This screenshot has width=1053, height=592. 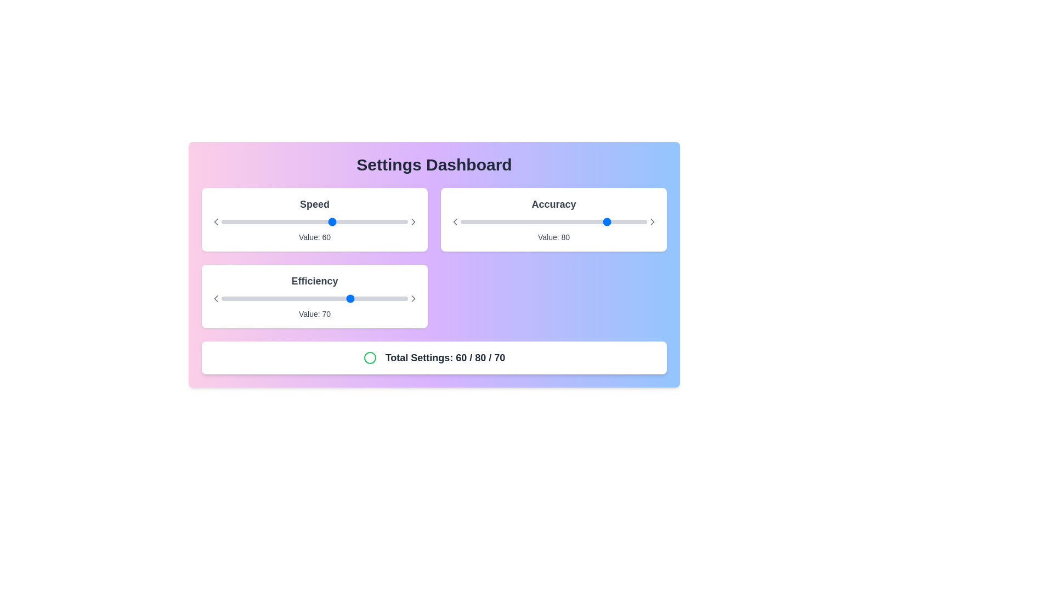 I want to click on efficiency, so click(x=236, y=298).